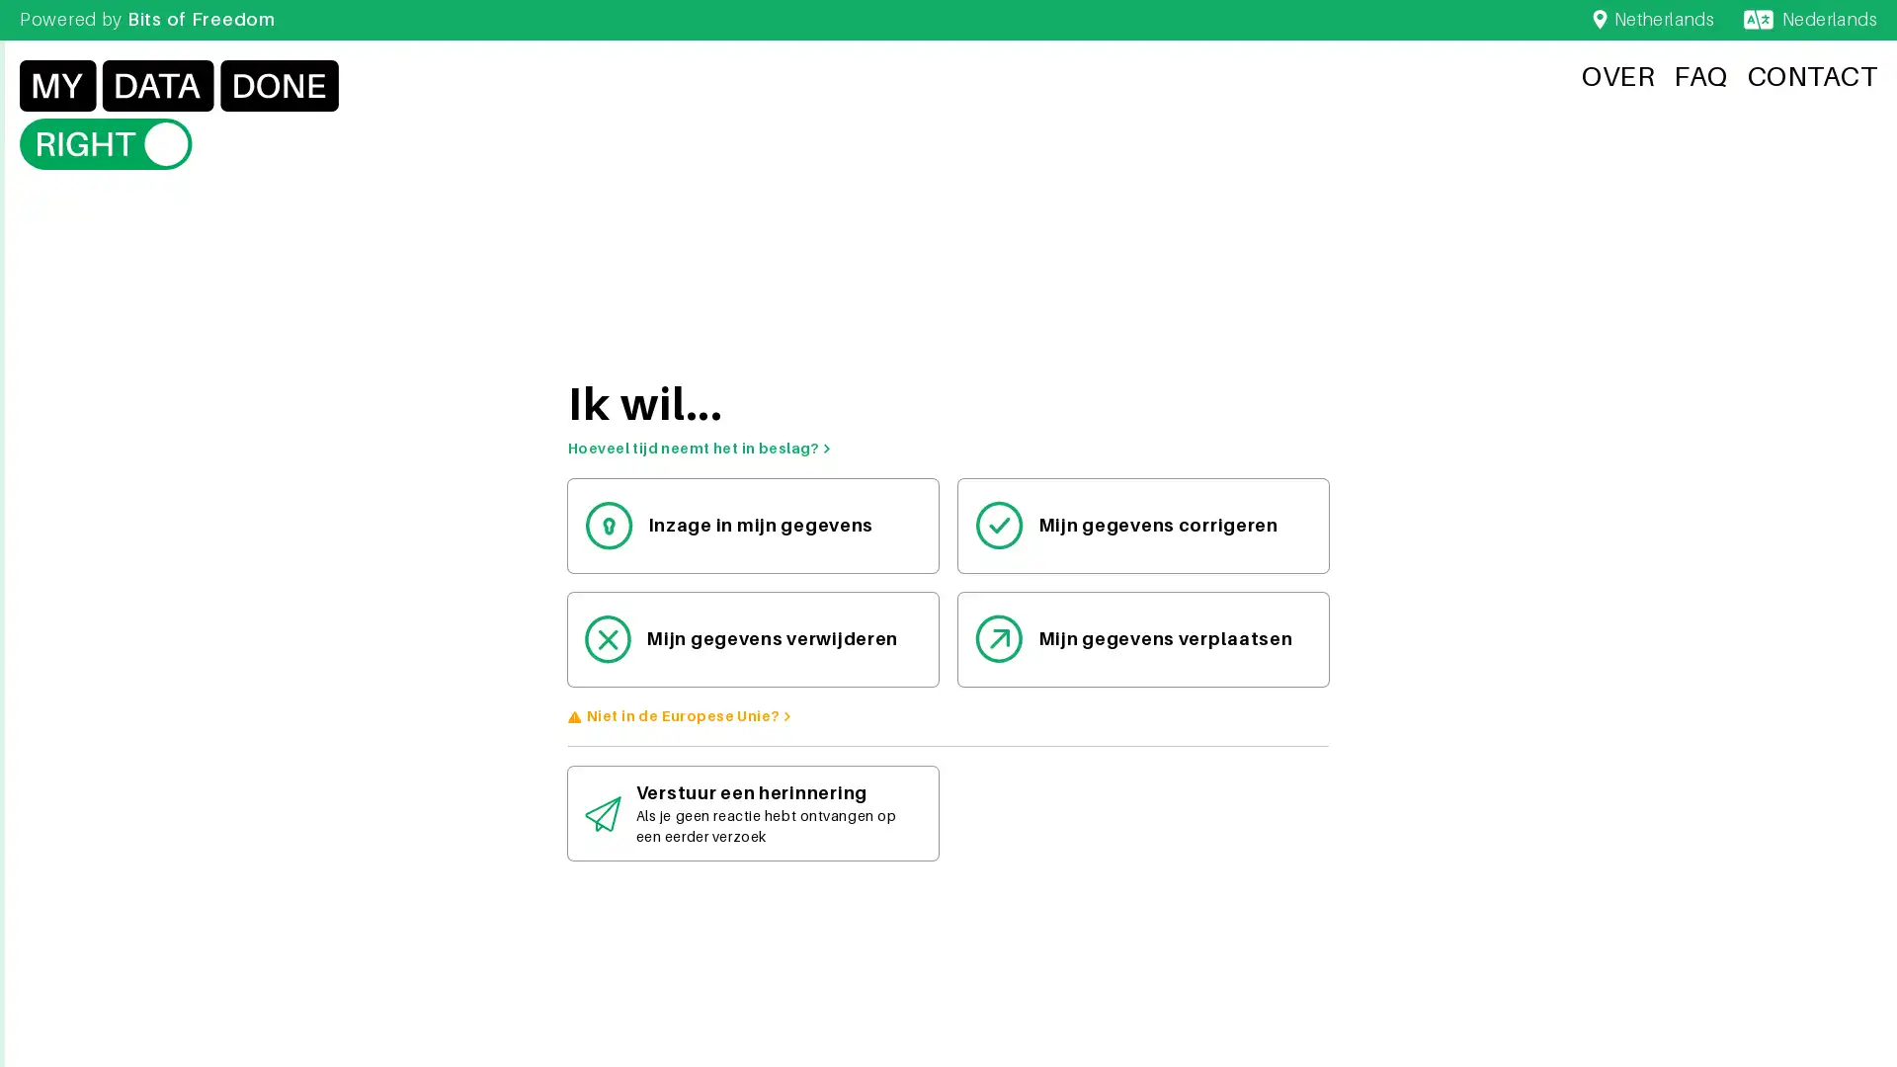 The image size is (1897, 1067). Describe the element at coordinates (689, 715) in the screenshot. I see `Niet in de Europese Unie?` at that location.